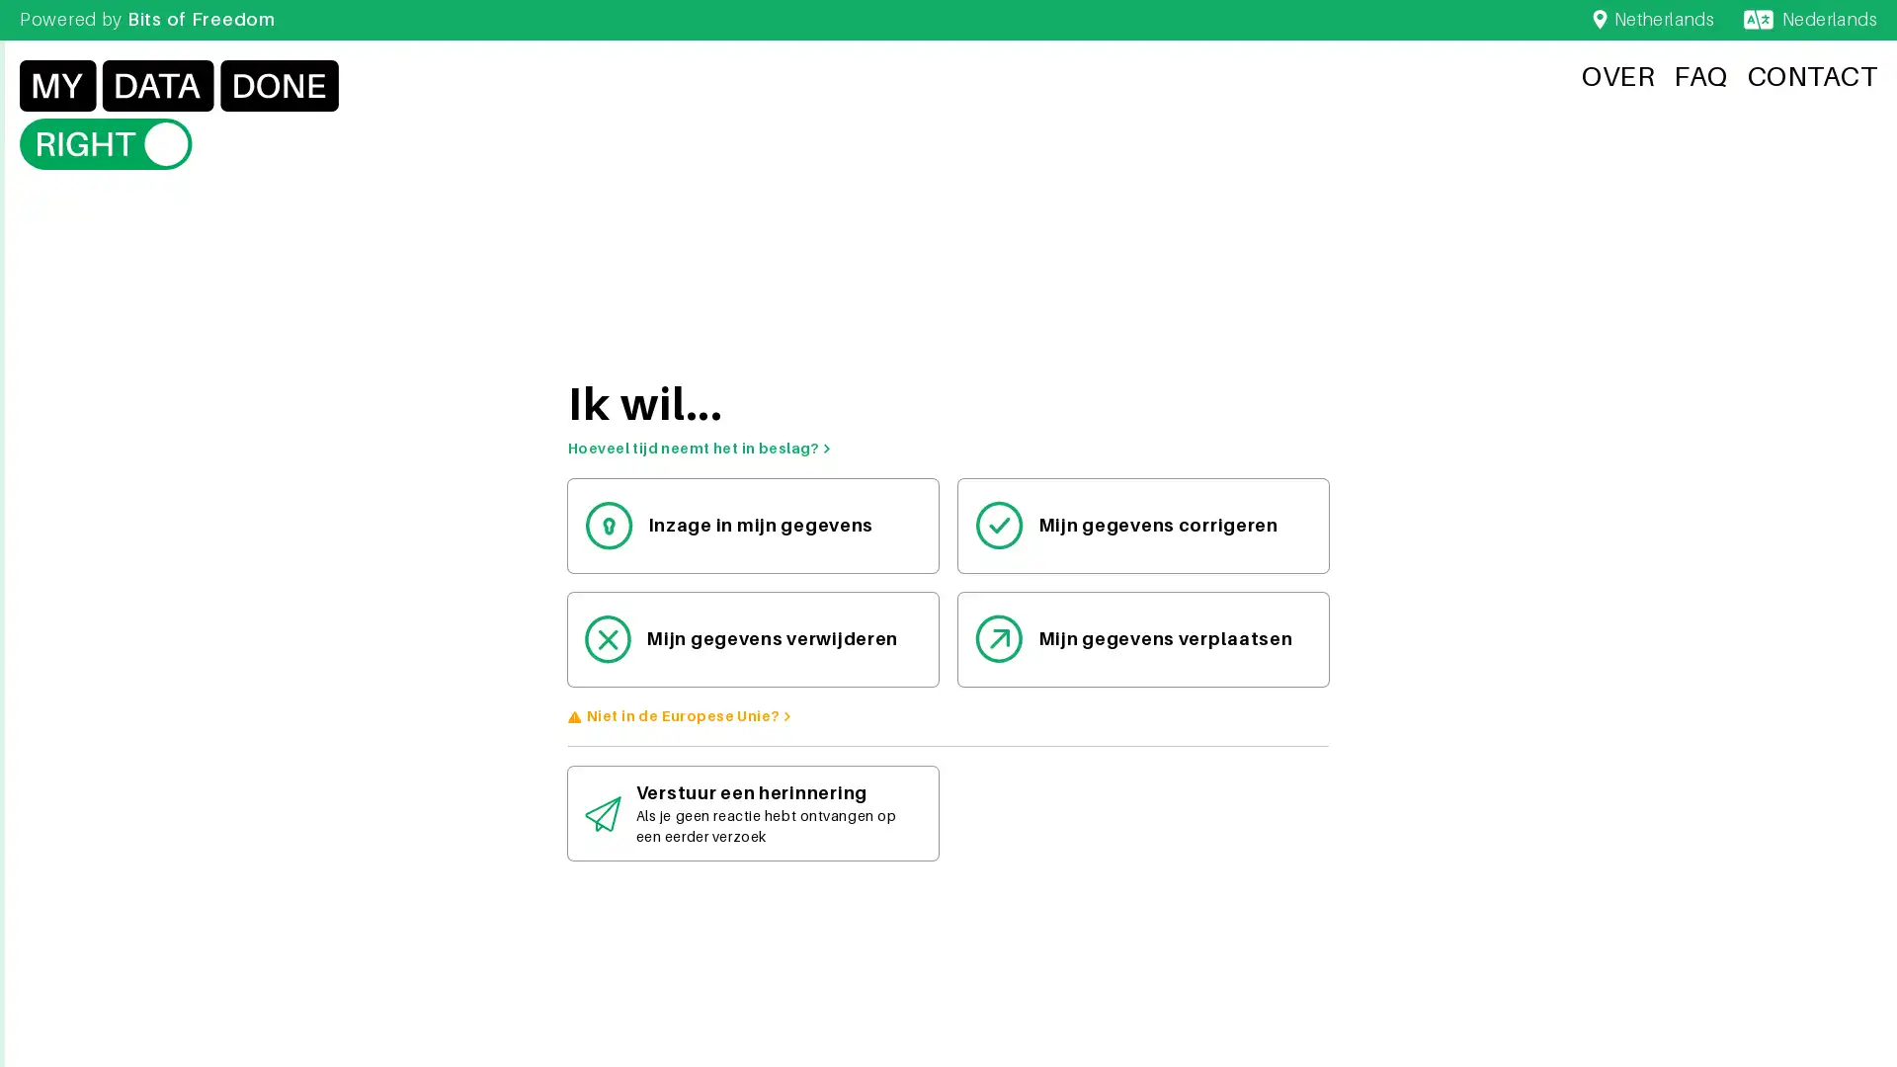 The image size is (1897, 1067). Describe the element at coordinates (689, 715) in the screenshot. I see `Niet in de Europese Unie?` at that location.